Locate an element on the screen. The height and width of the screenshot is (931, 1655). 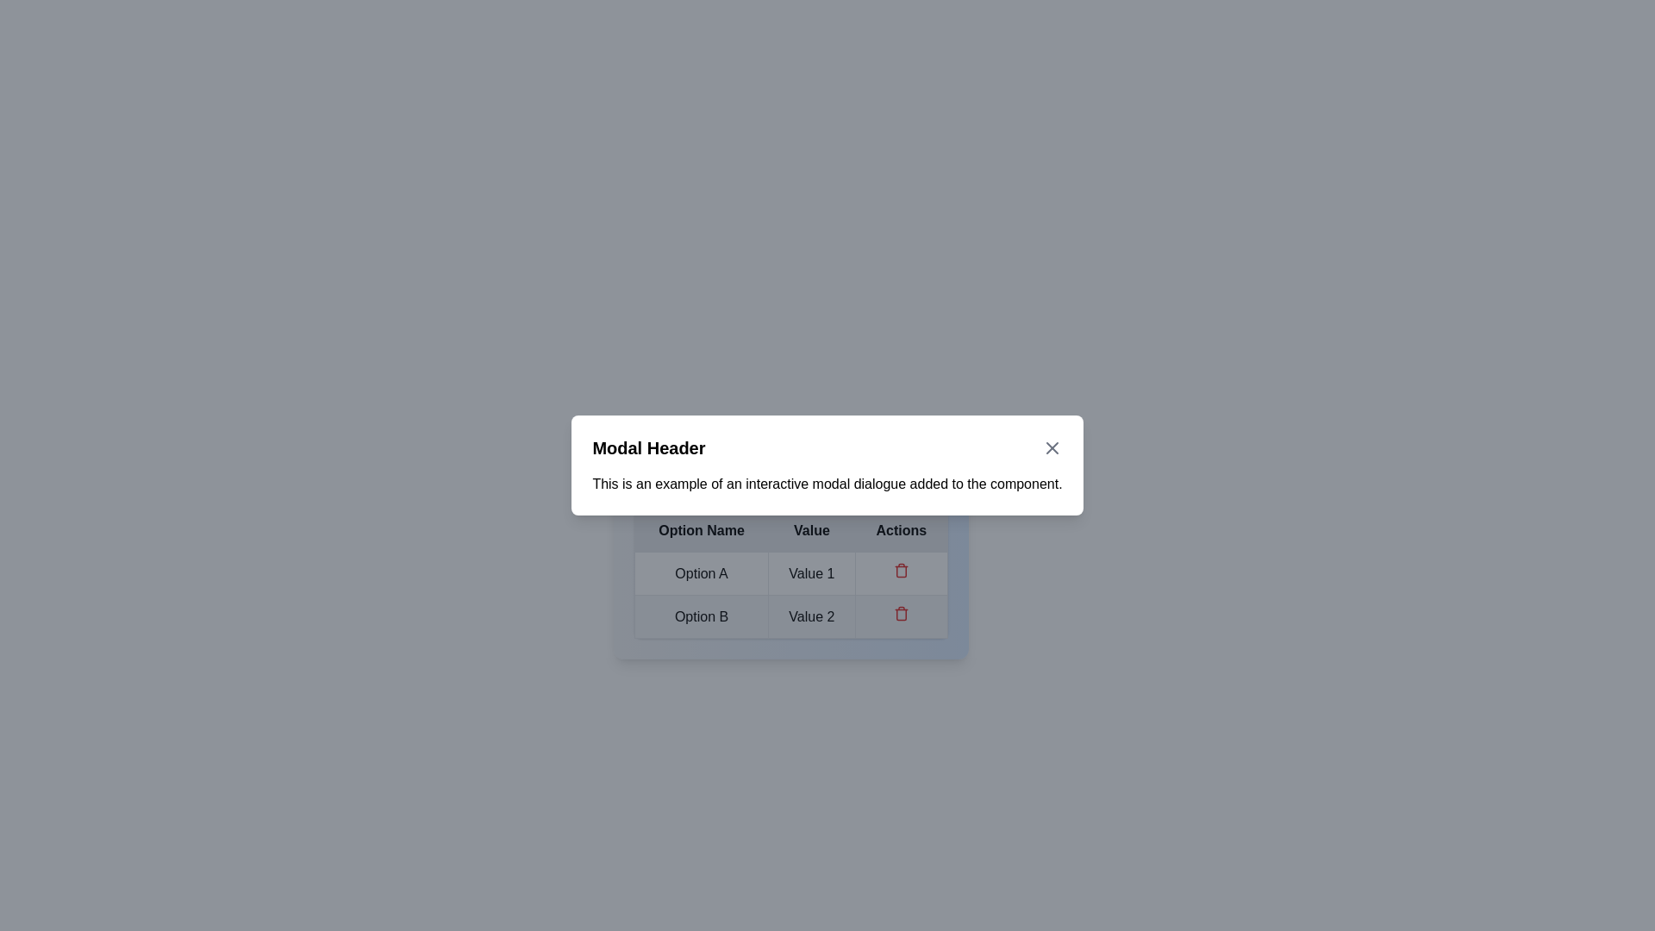
the 'Actions' table header cell, which is the third column in a row of a table inside a modal dialog box, distinguished by its bold text on a dark gray background is located at coordinates (900, 530).